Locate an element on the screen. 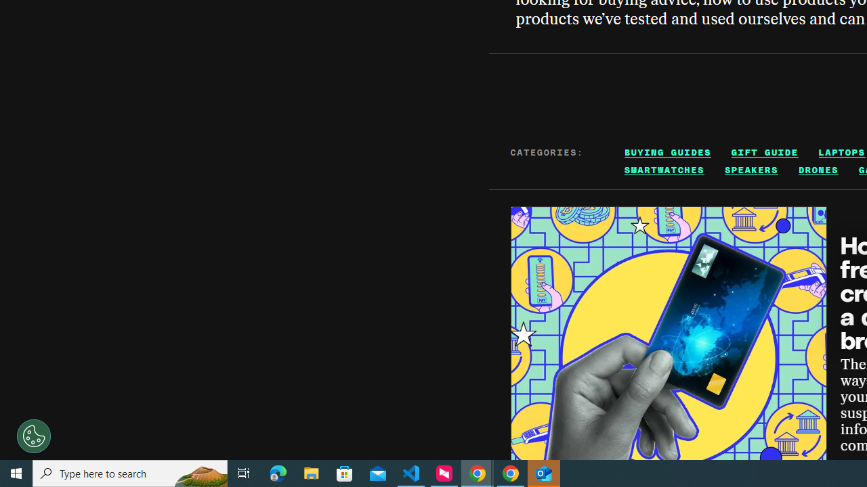 The width and height of the screenshot is (867, 487). 'Open Preferences' is located at coordinates (34, 436).